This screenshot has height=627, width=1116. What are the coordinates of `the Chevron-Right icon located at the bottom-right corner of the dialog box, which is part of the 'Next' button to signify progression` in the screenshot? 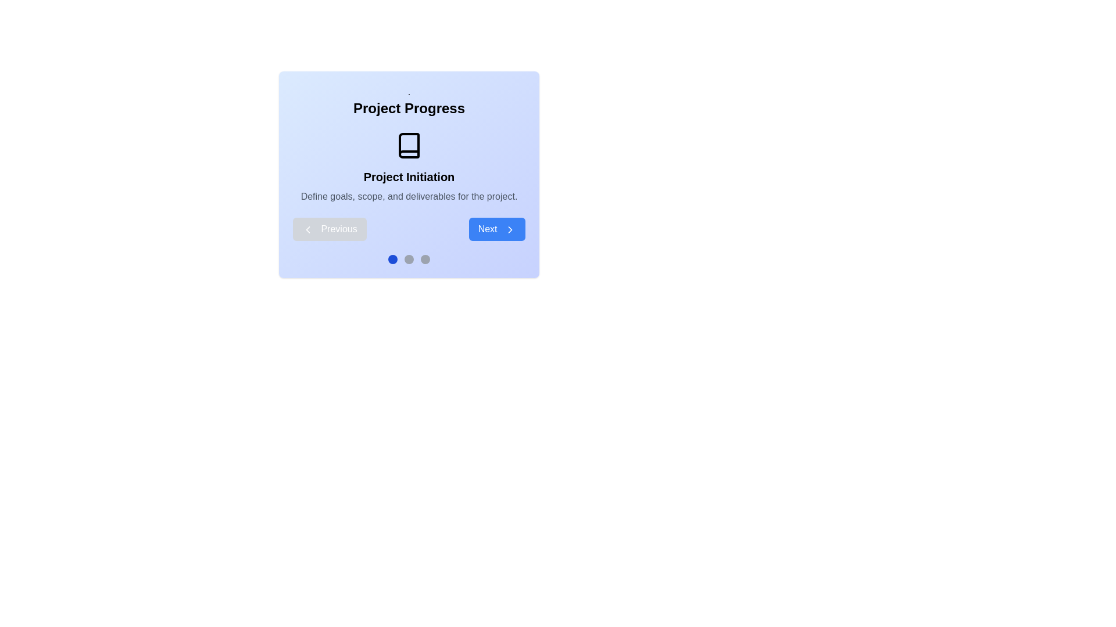 It's located at (510, 229).